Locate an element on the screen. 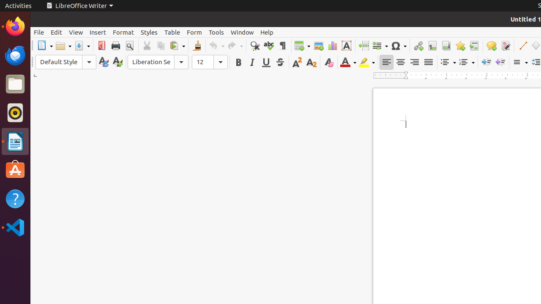  'Page Break' is located at coordinates (363, 46).